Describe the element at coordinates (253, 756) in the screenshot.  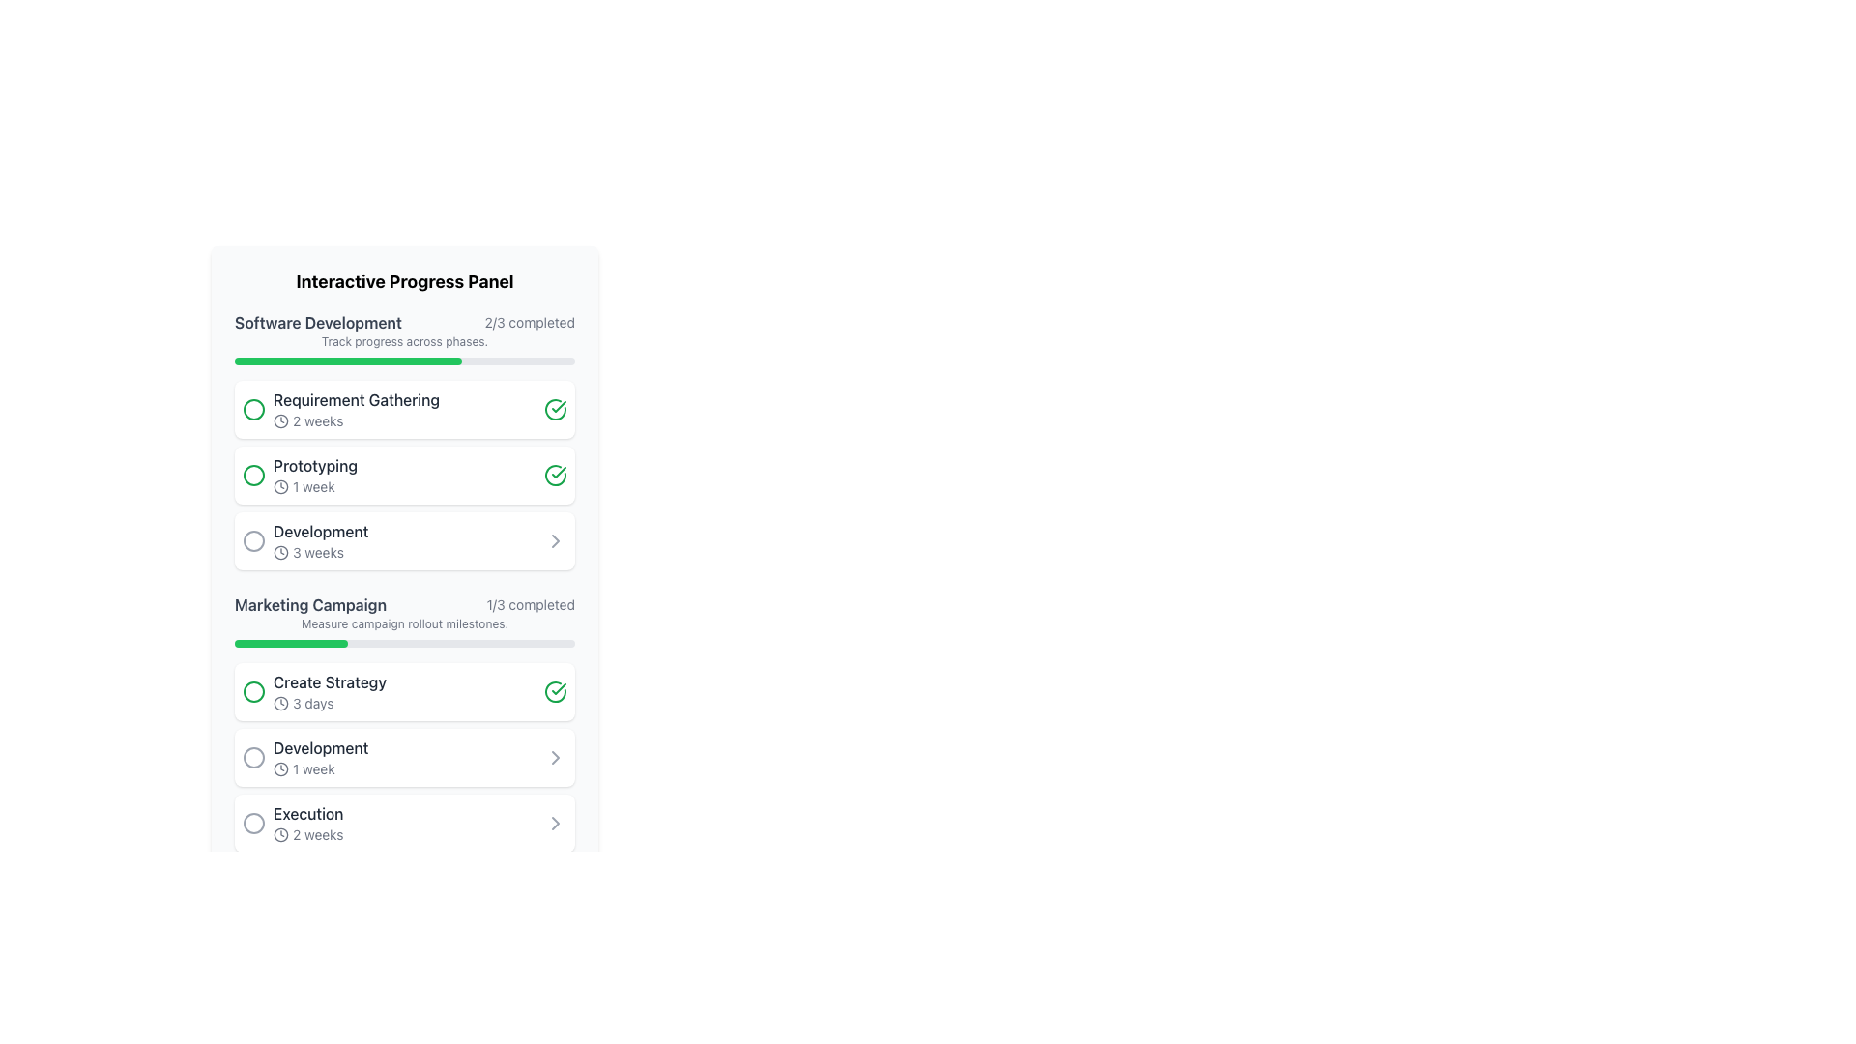
I see `the visual completion indicator within the task entry labeled 'Development 1 week' under the 'Marketing Campaign' section` at that location.